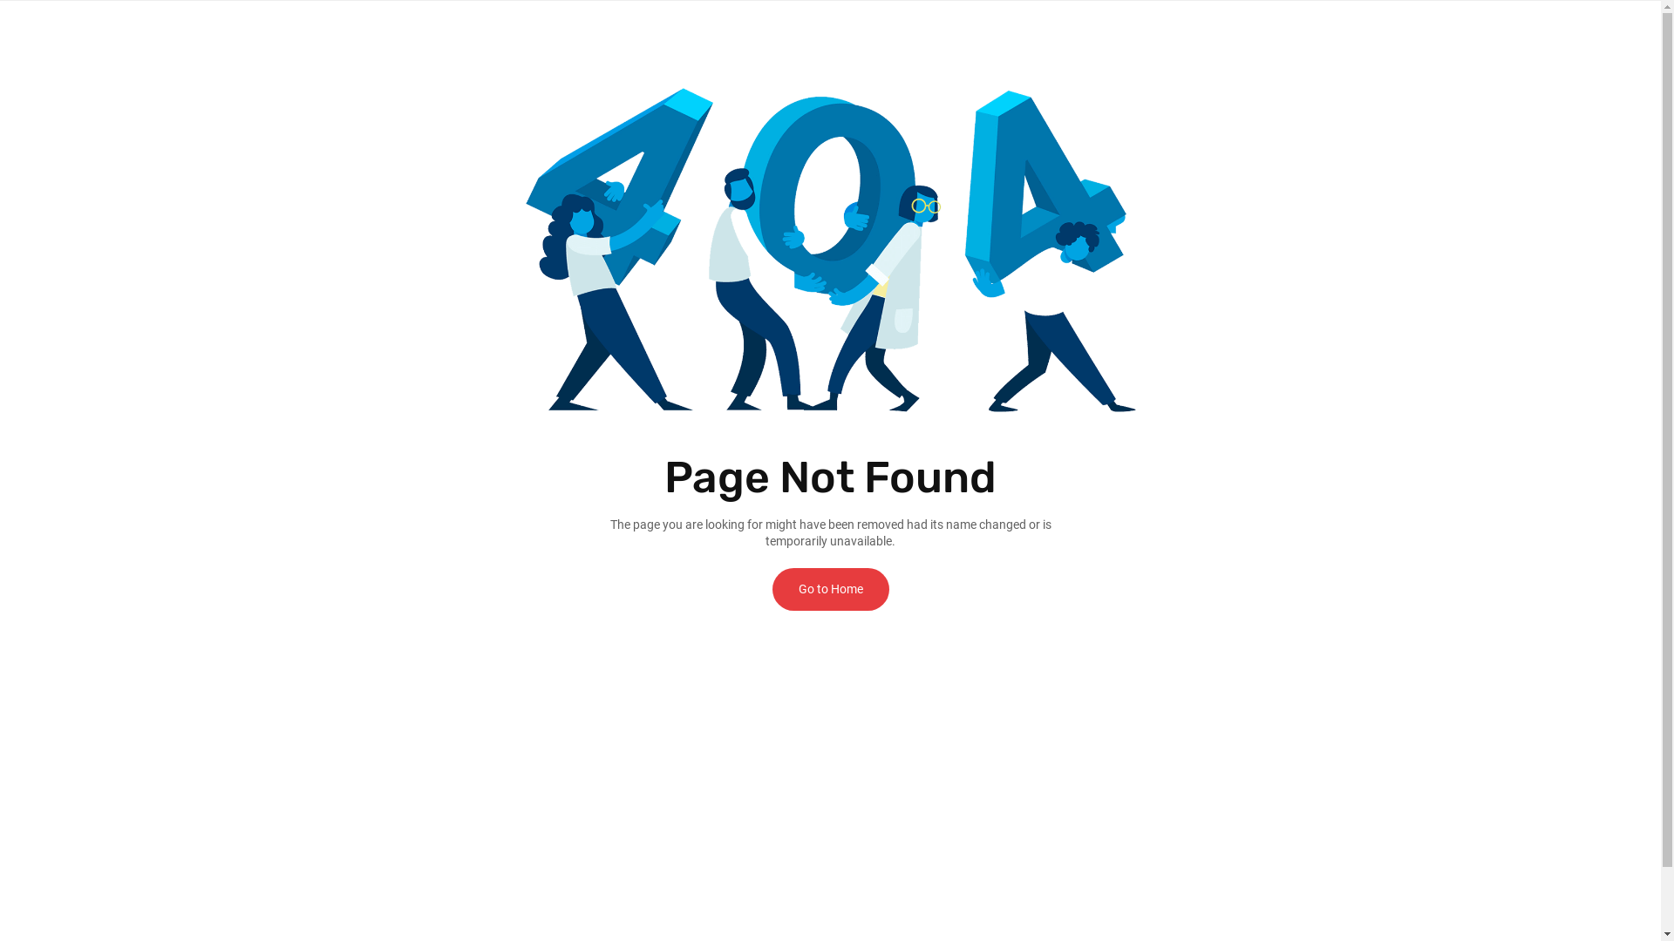 This screenshot has height=941, width=1674. What do you see at coordinates (830, 588) in the screenshot?
I see `'Go to Home'` at bounding box center [830, 588].